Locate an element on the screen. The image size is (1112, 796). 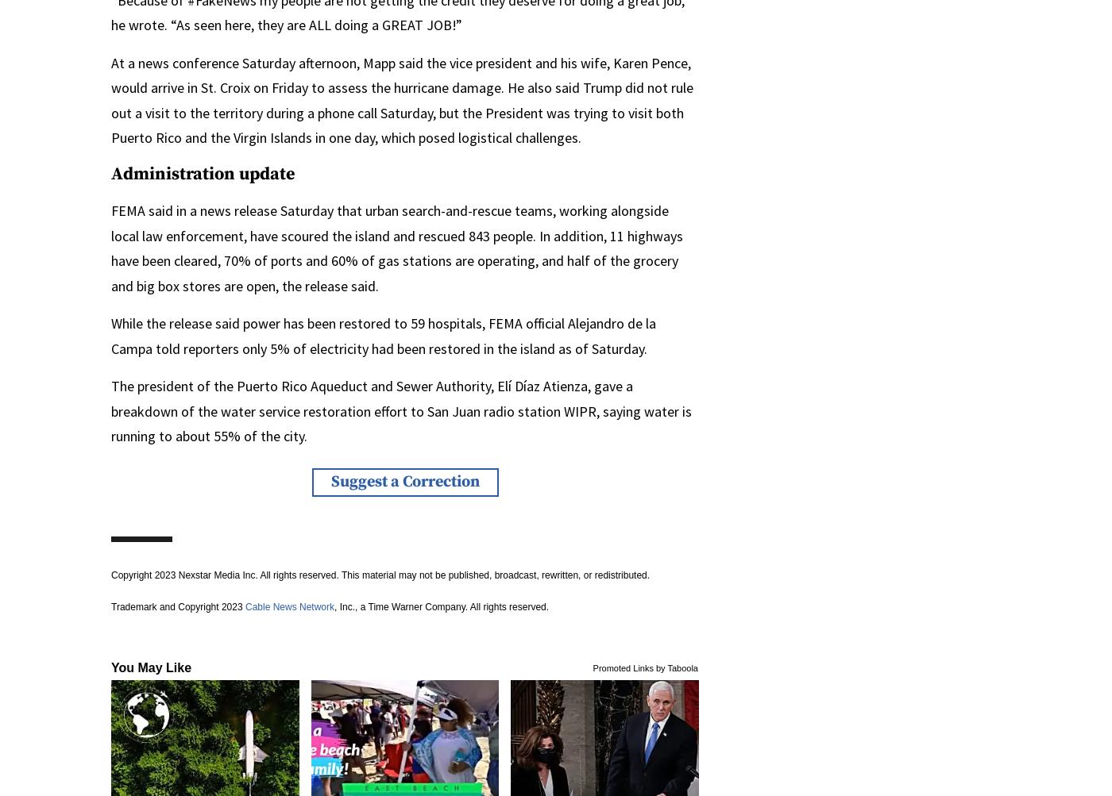
'Cable News Network' is located at coordinates (245, 605).